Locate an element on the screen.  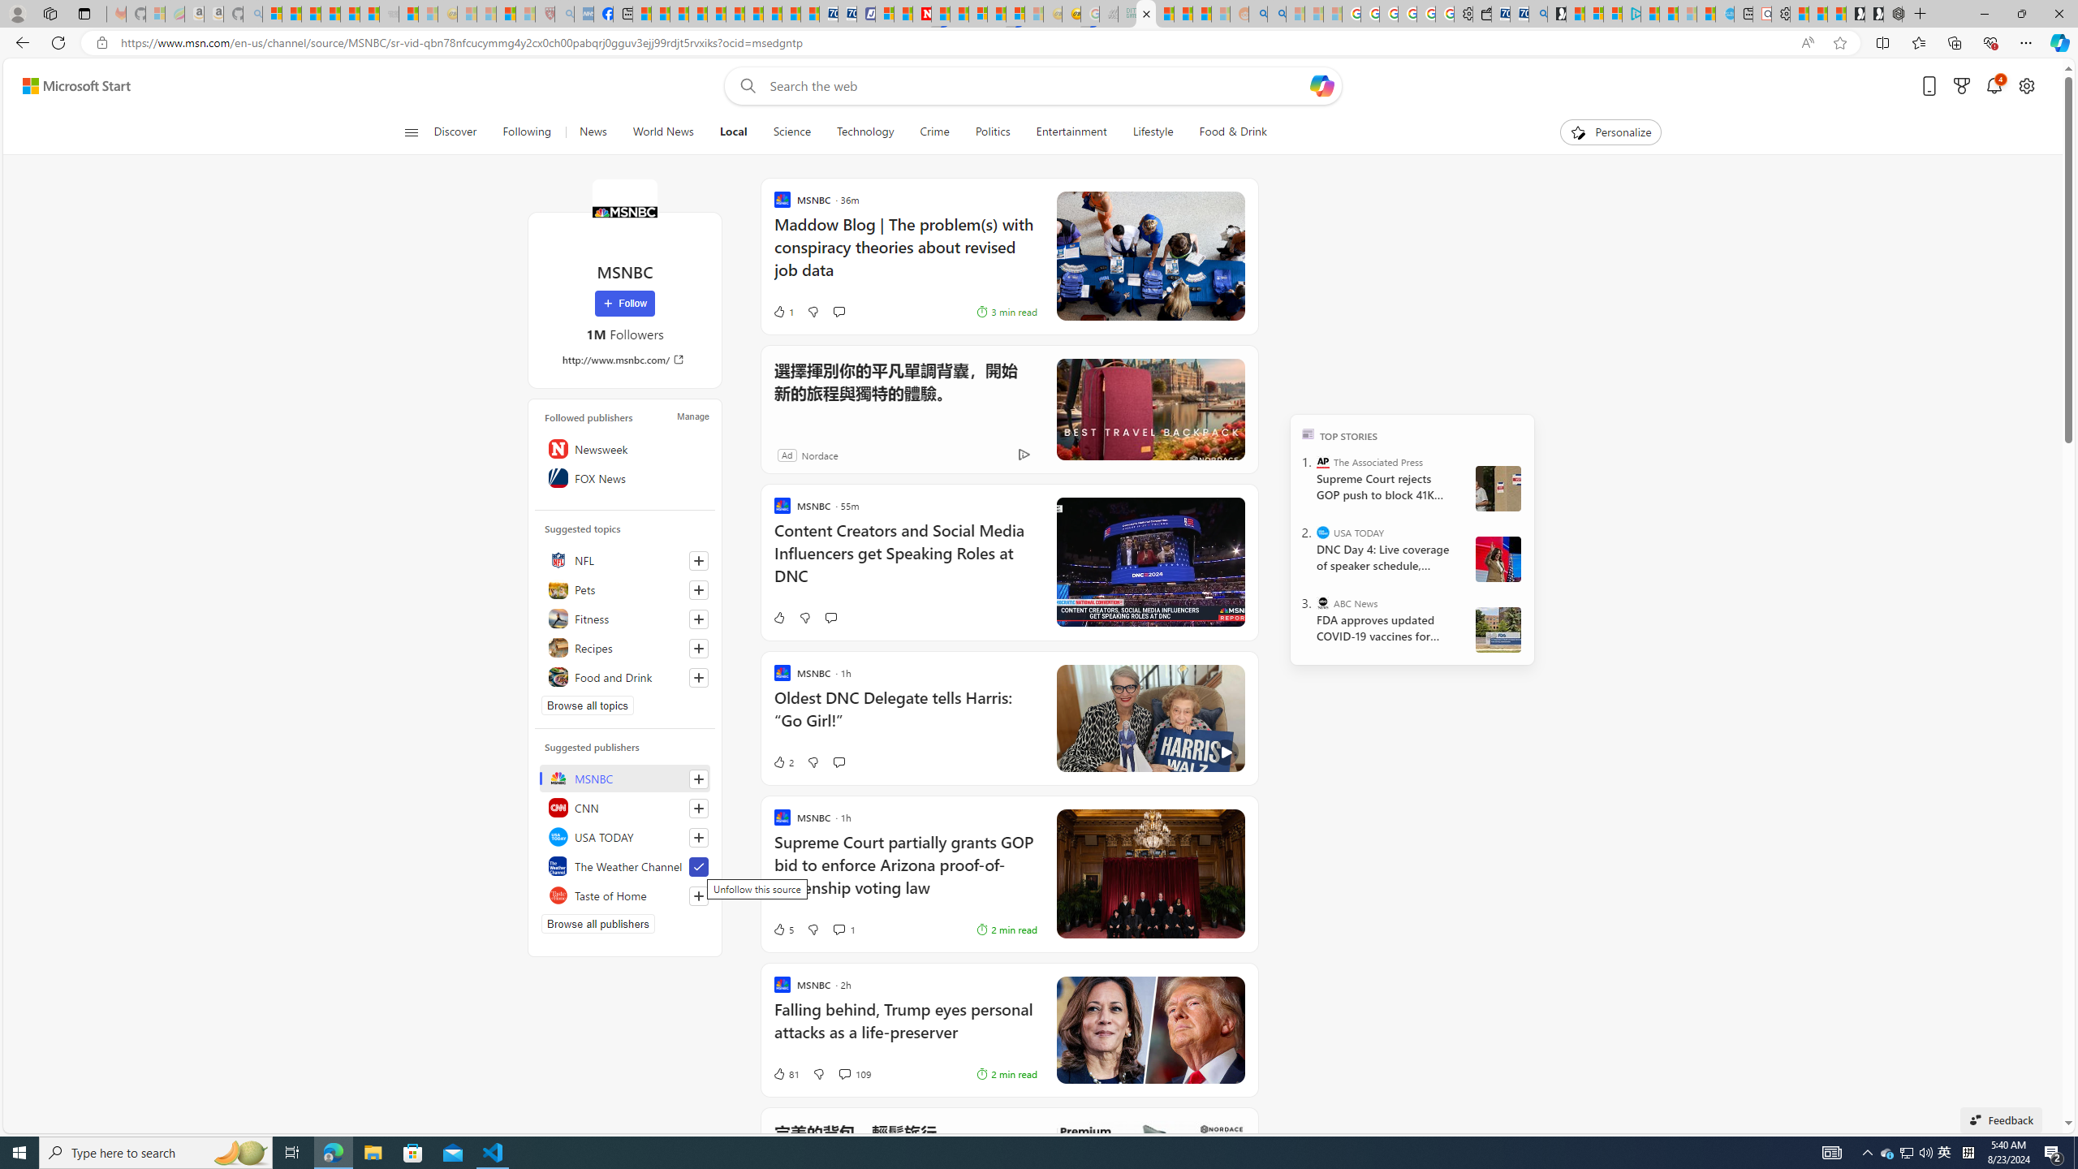
'81 Like' is located at coordinates (784, 1072).